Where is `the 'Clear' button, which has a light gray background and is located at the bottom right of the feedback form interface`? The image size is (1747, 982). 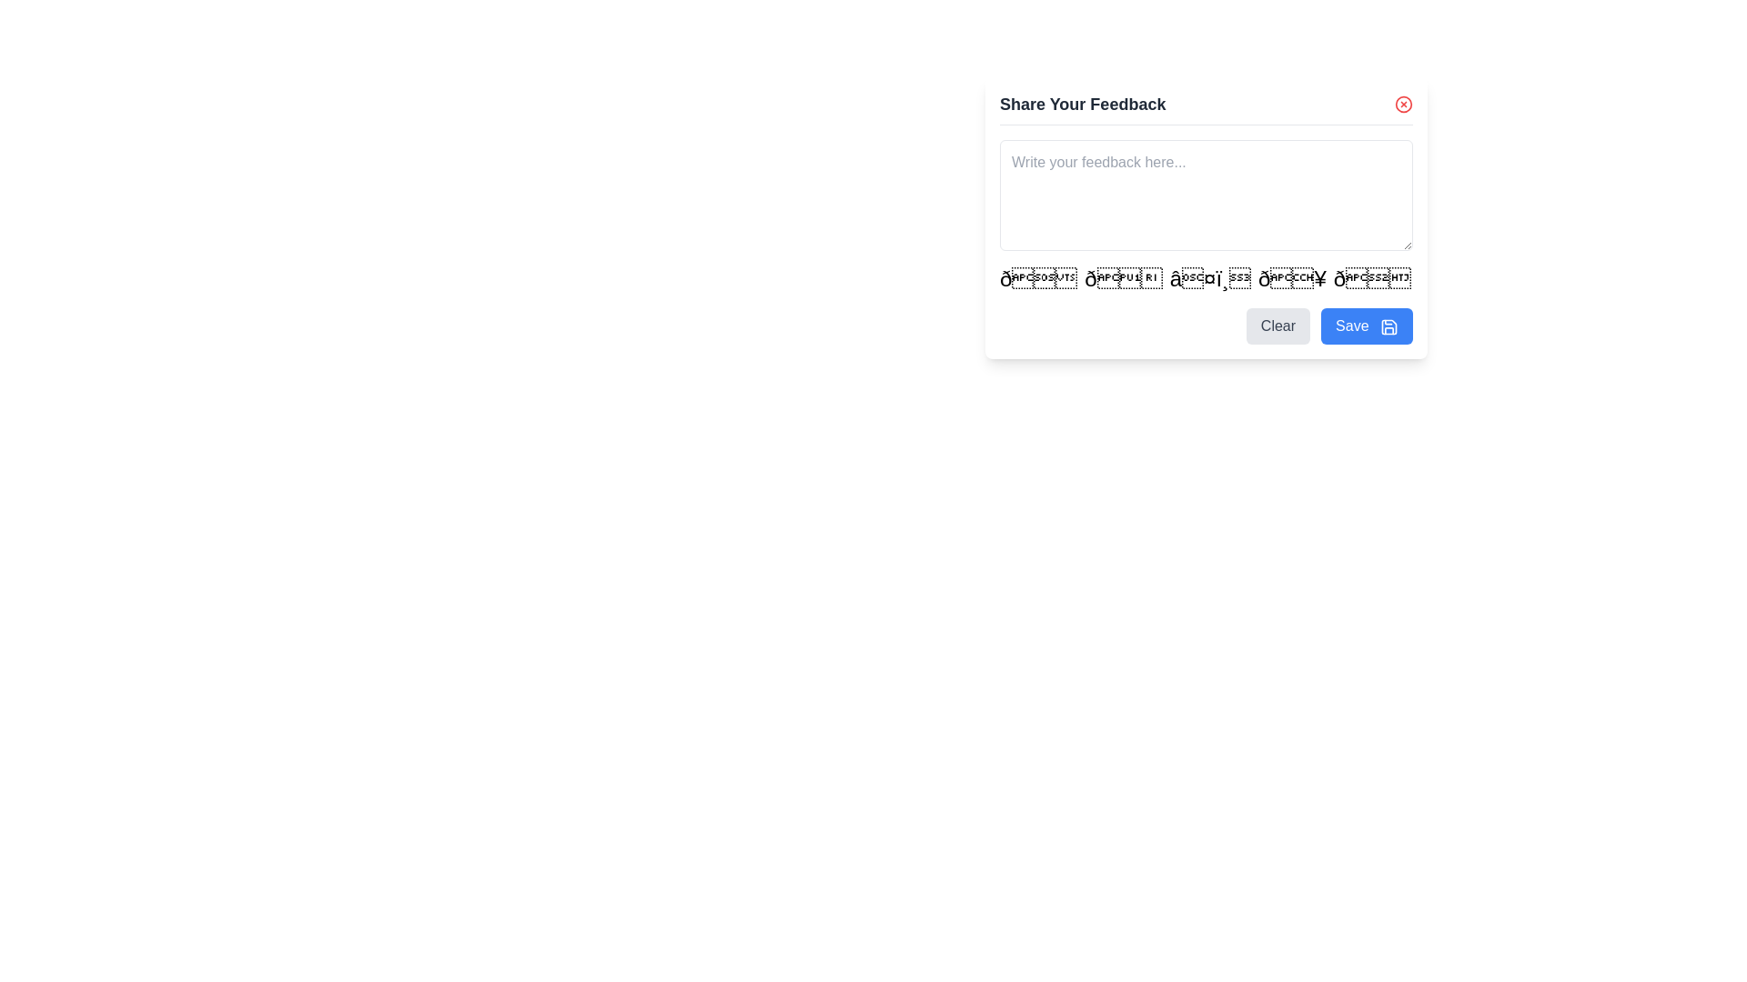
the 'Clear' button, which has a light gray background and is located at the bottom right of the feedback form interface is located at coordinates (1277, 325).